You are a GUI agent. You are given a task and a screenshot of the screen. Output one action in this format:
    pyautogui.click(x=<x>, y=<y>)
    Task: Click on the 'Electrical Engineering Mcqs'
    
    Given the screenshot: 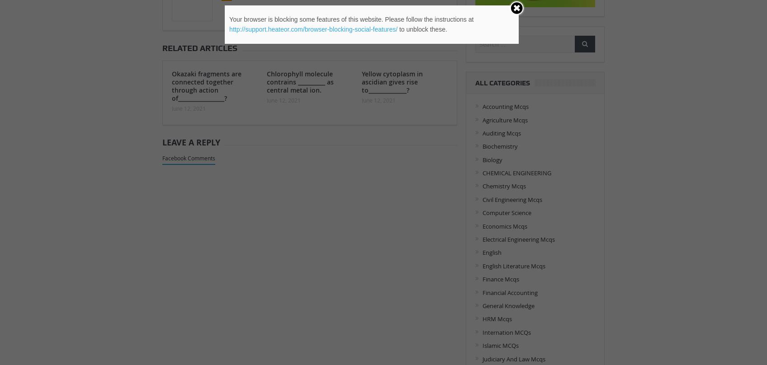 What is the action you would take?
    pyautogui.click(x=519, y=239)
    